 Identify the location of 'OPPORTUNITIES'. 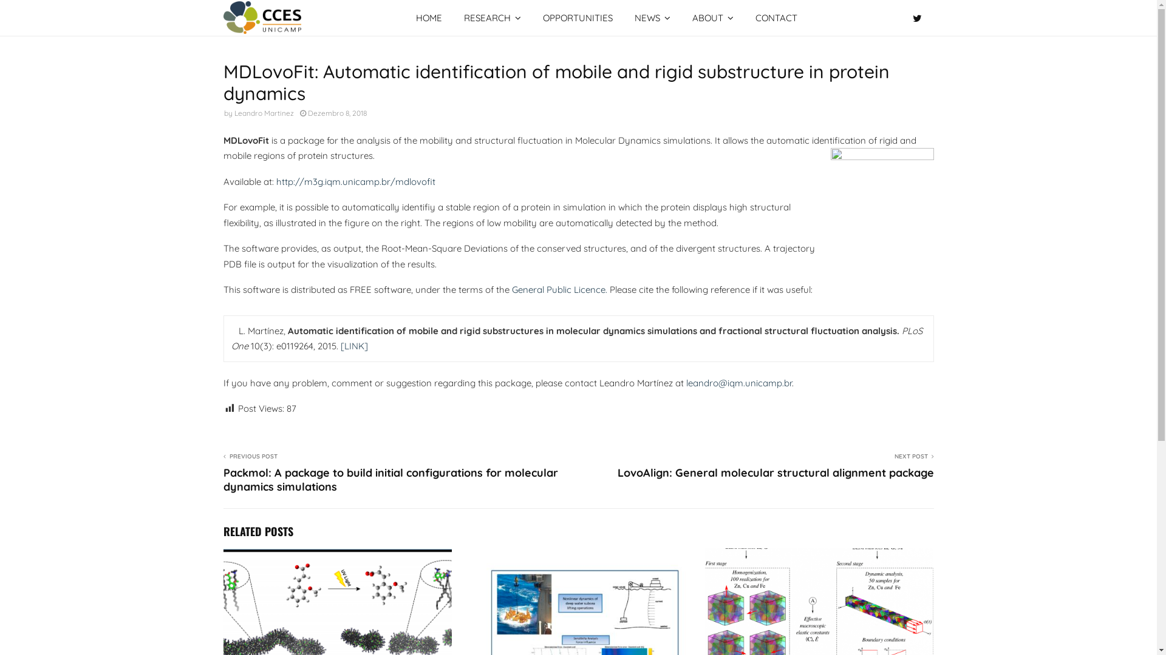
(577, 18).